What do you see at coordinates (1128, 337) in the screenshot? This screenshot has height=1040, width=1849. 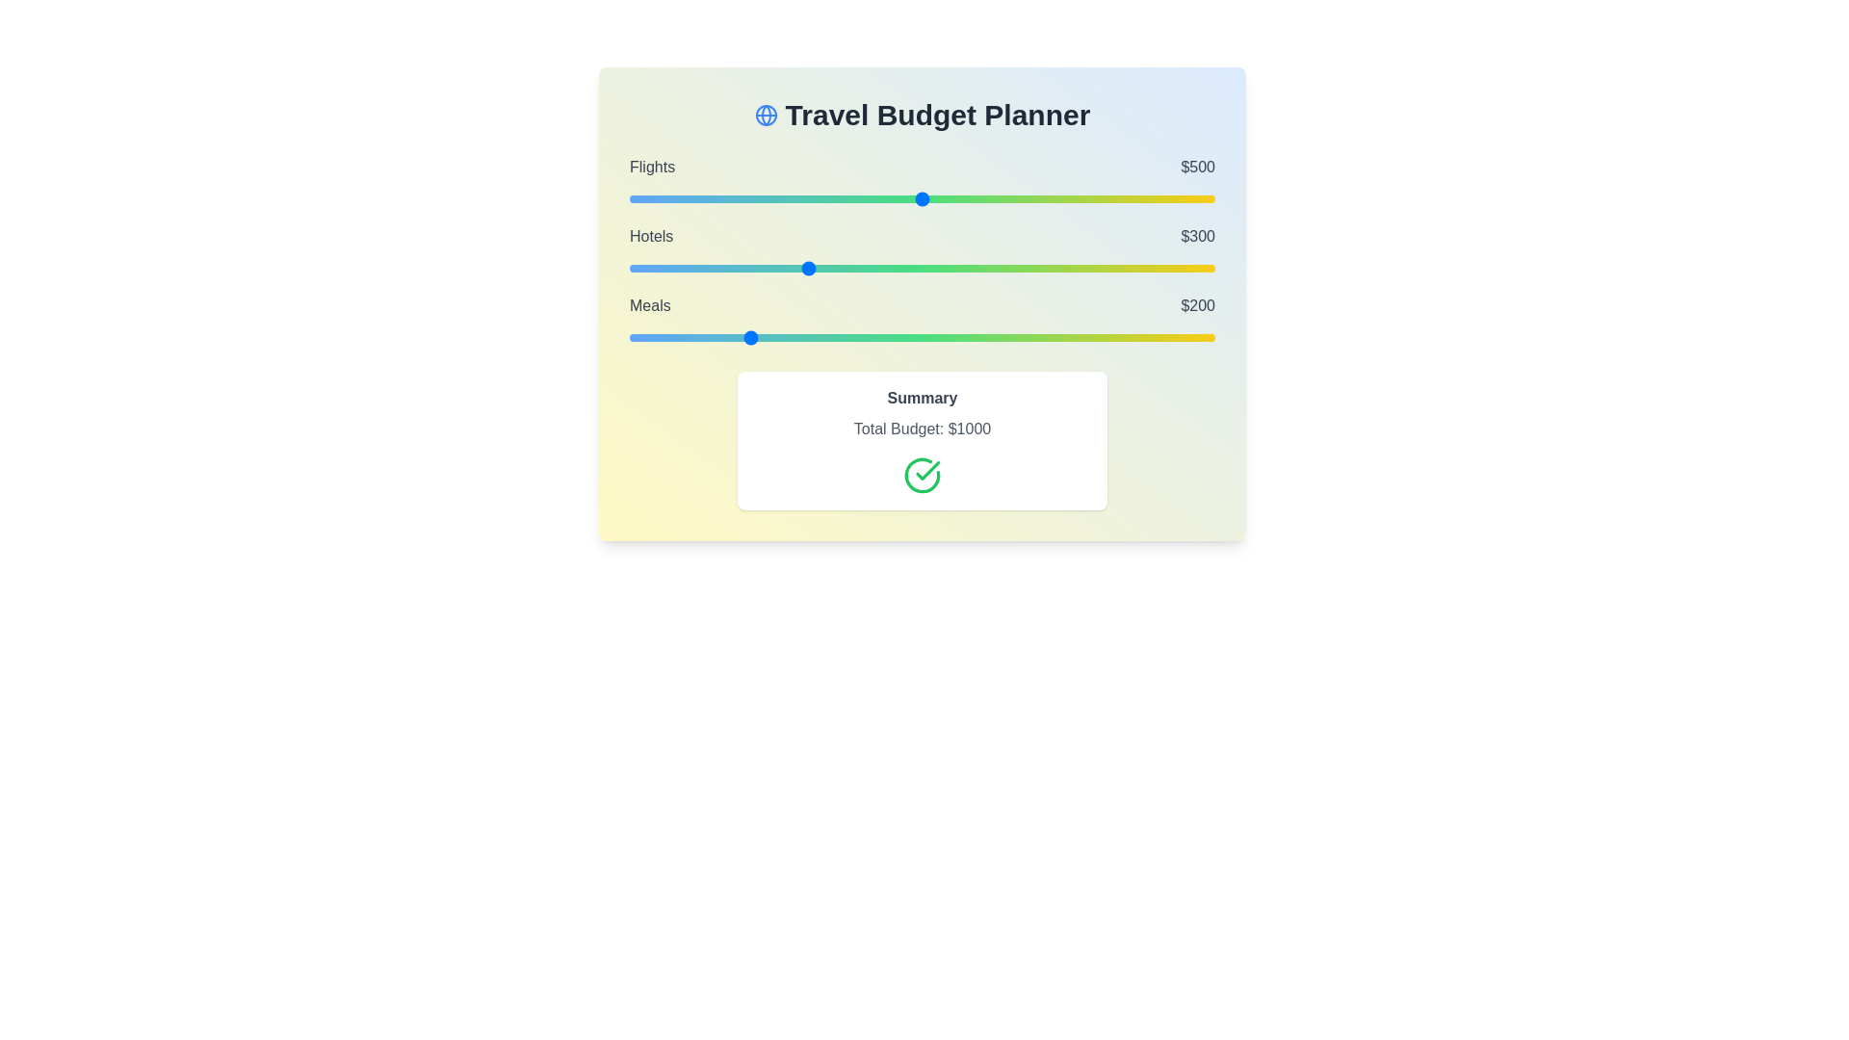 I see `the 'Meals' slider to 851 within the range 0 to 1000` at bounding box center [1128, 337].